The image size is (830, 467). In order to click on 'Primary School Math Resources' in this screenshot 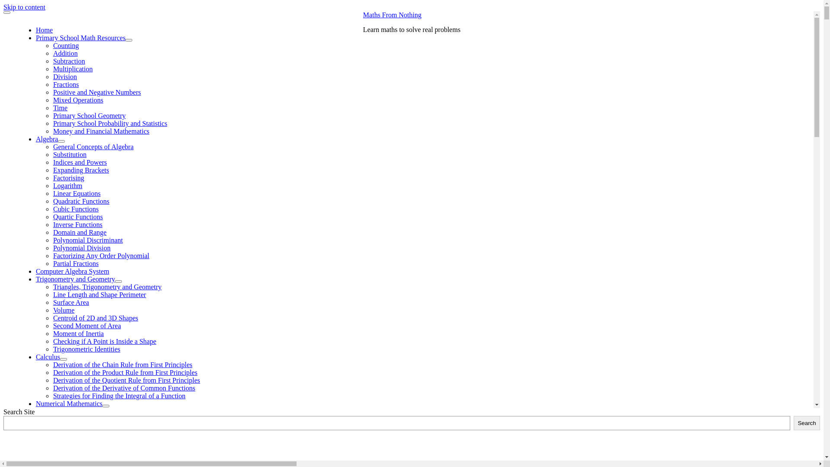, I will do `click(35, 37)`.